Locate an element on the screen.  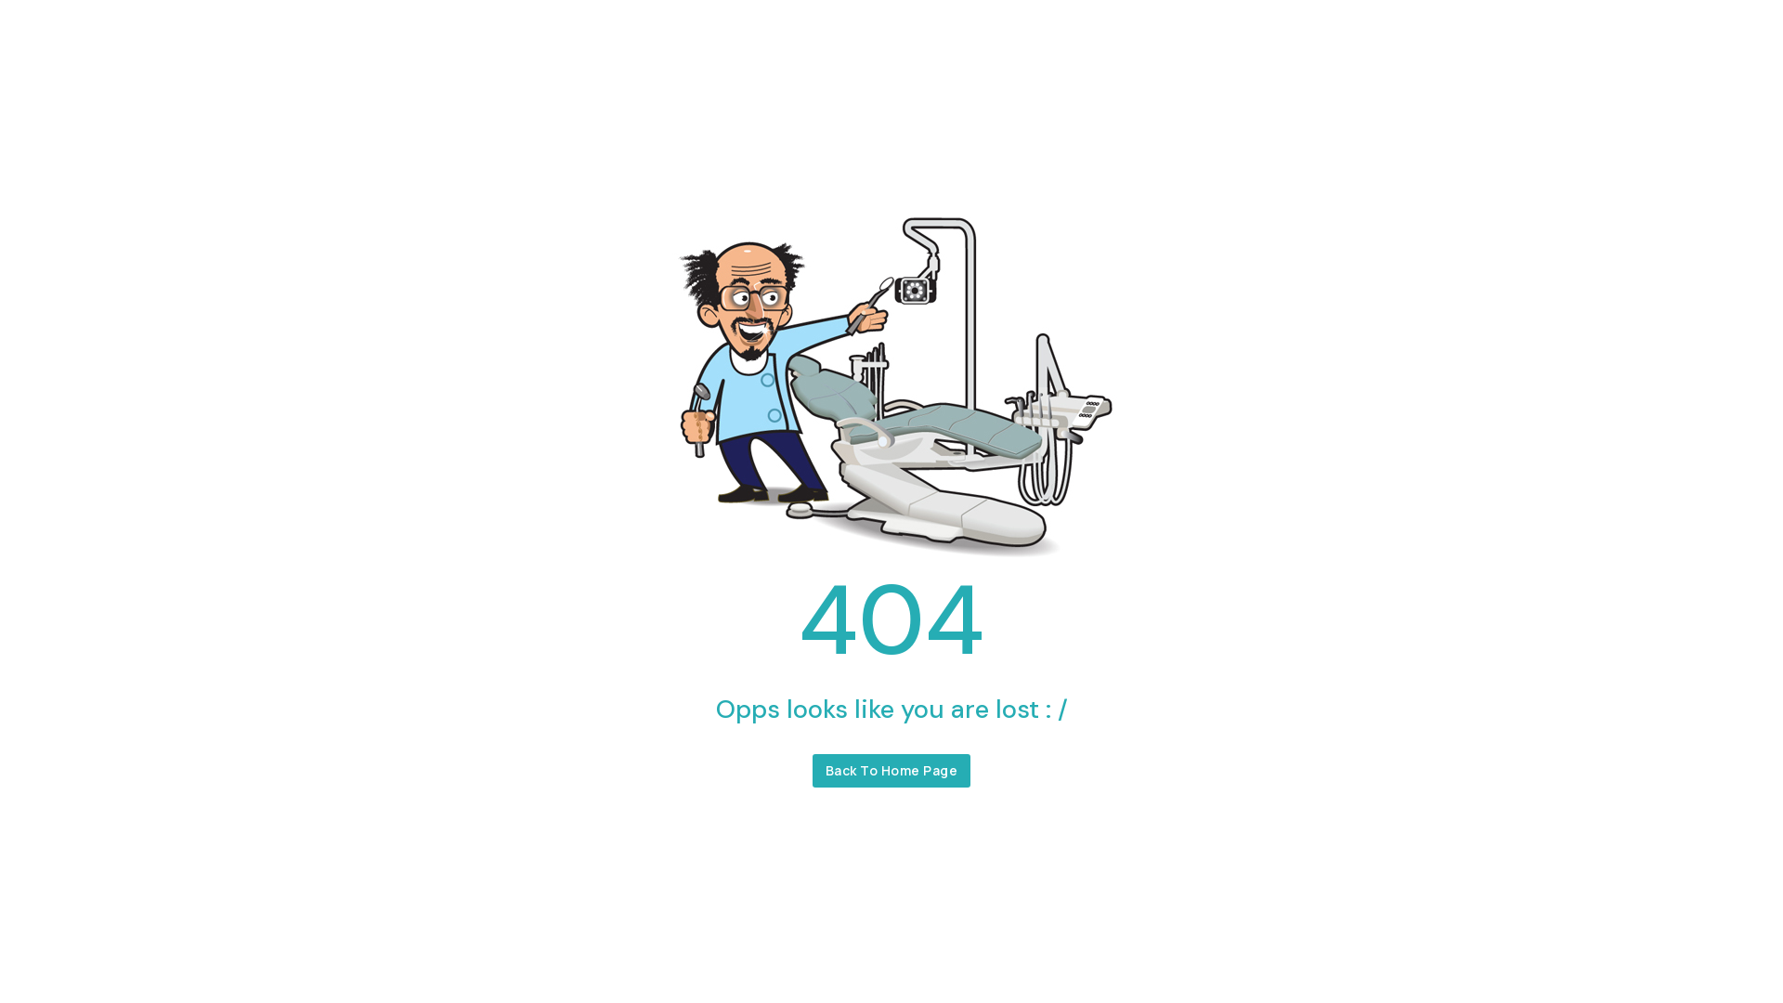
'Back To Home Page' is located at coordinates (891, 770).